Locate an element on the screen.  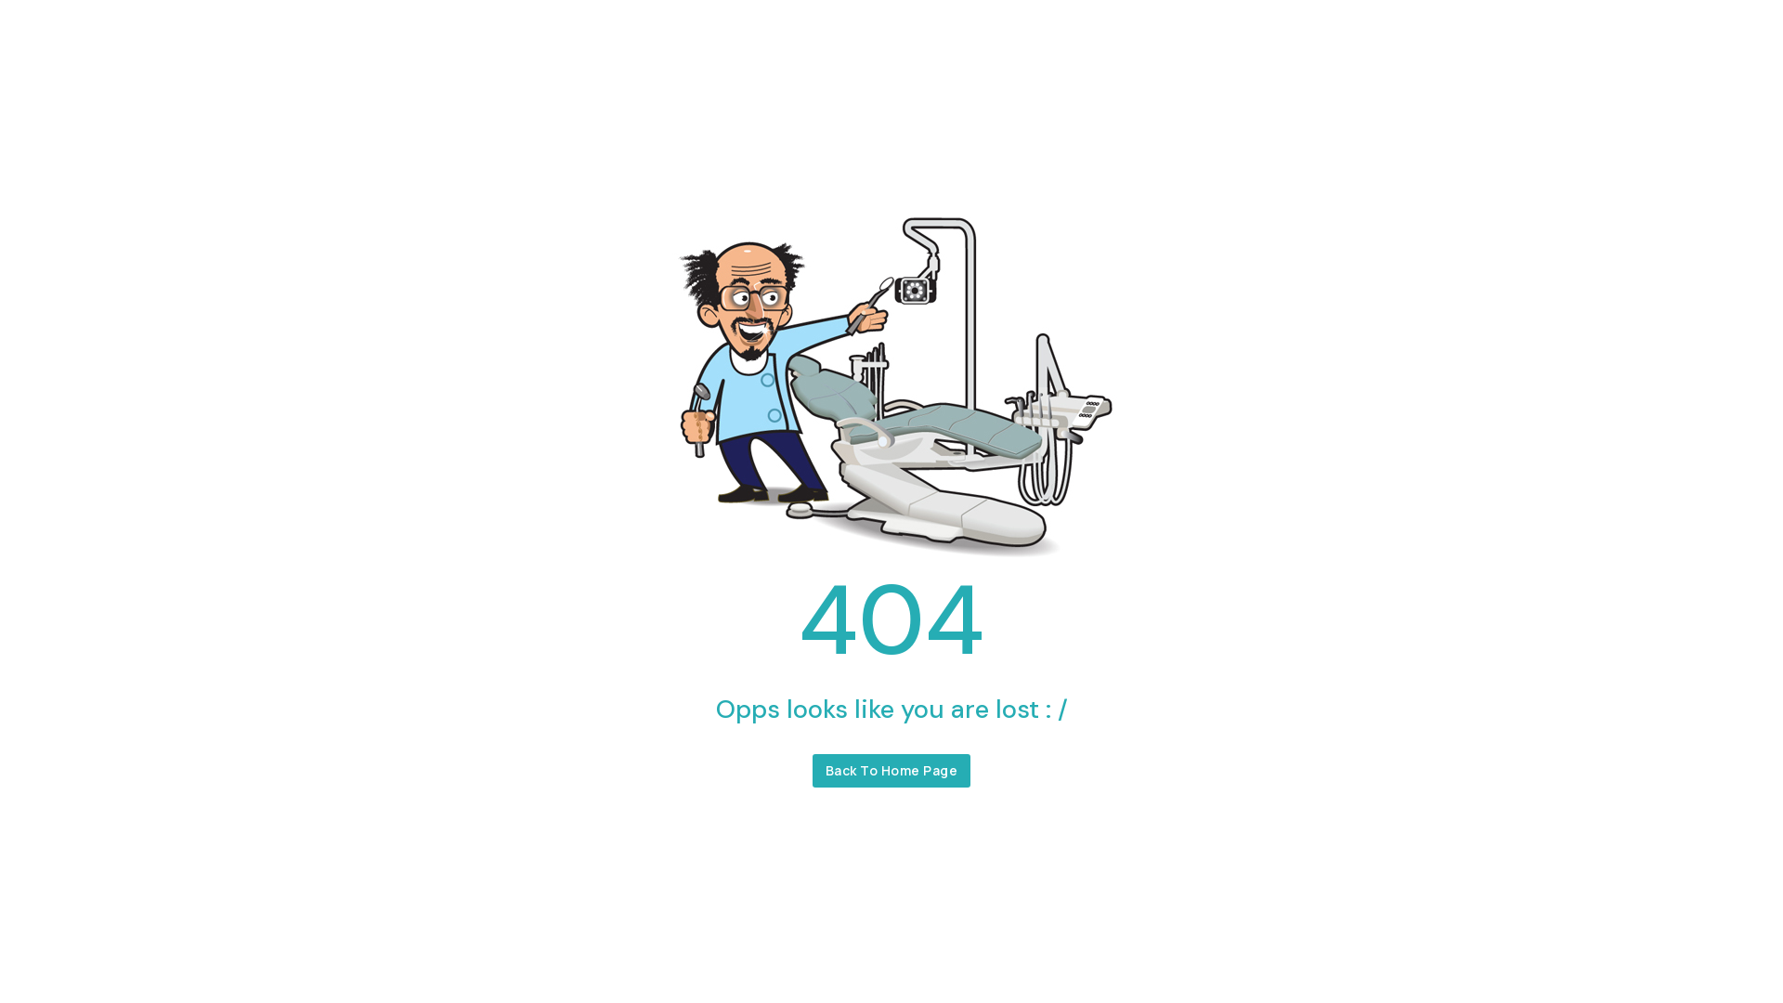
'Back To Home Page' is located at coordinates (891, 770).